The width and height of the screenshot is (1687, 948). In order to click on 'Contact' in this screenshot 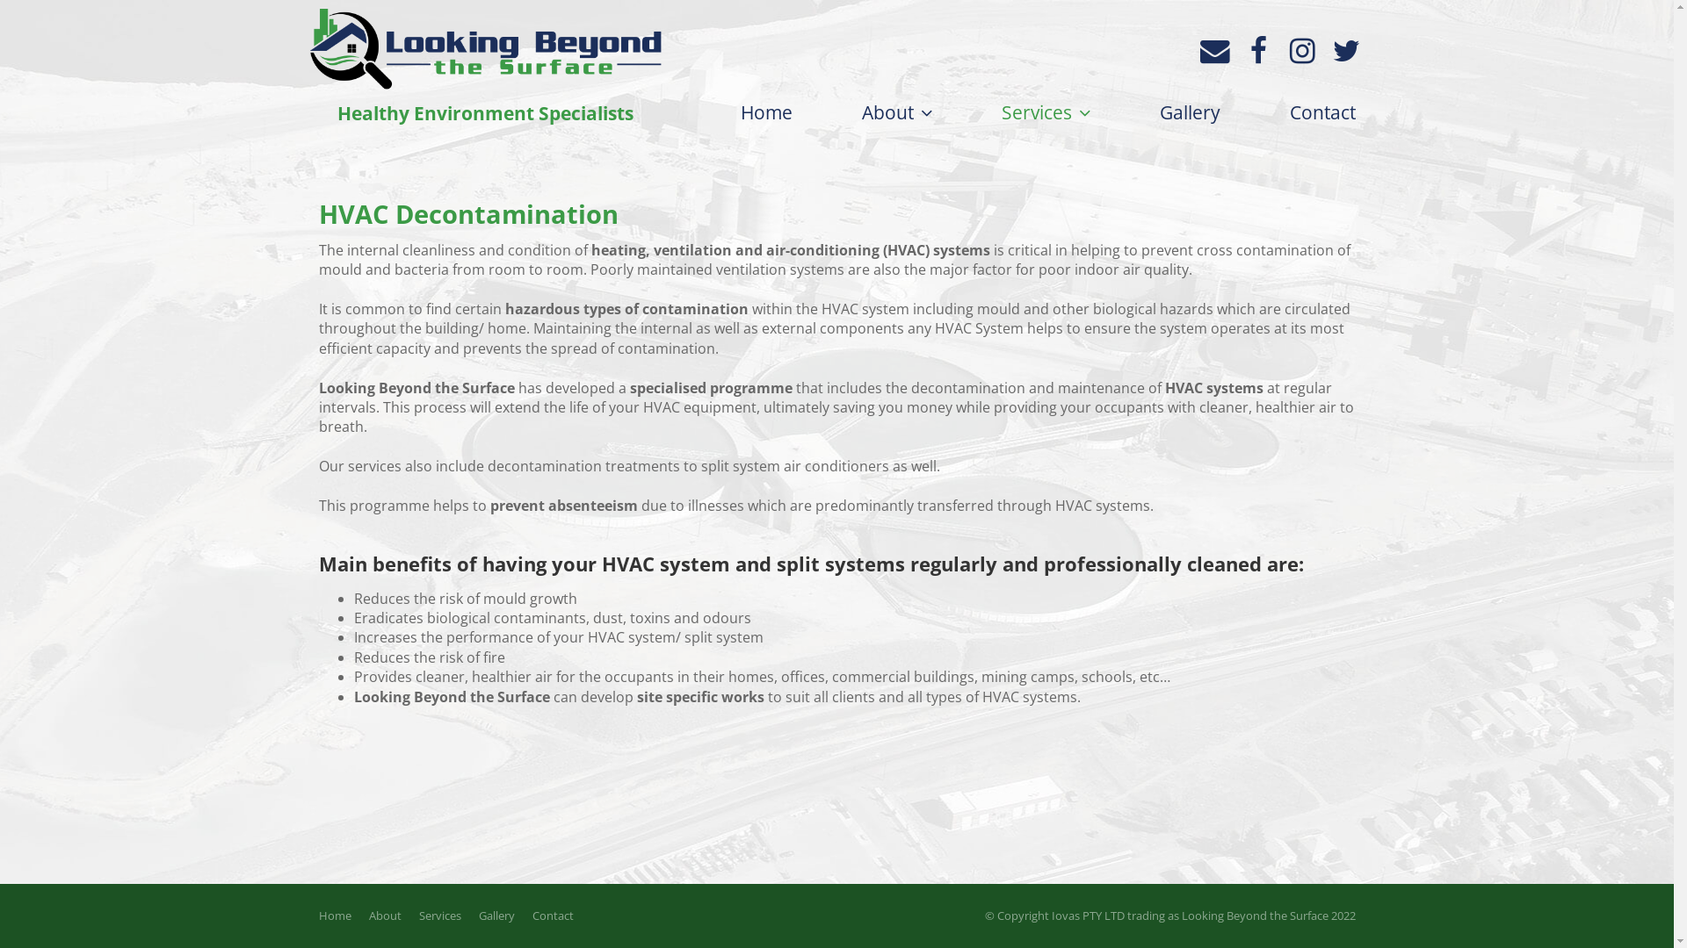, I will do `click(552, 914)`.